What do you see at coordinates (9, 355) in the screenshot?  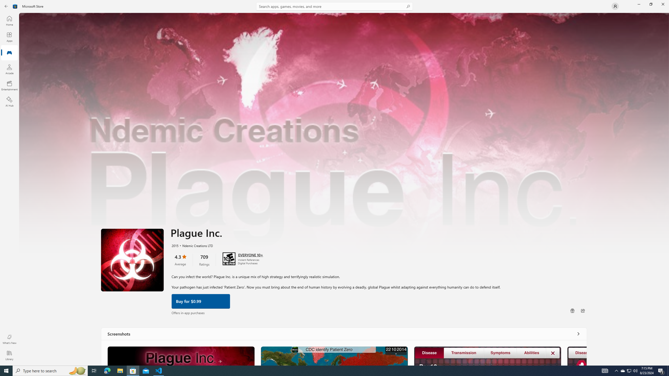 I see `'Library'` at bounding box center [9, 355].